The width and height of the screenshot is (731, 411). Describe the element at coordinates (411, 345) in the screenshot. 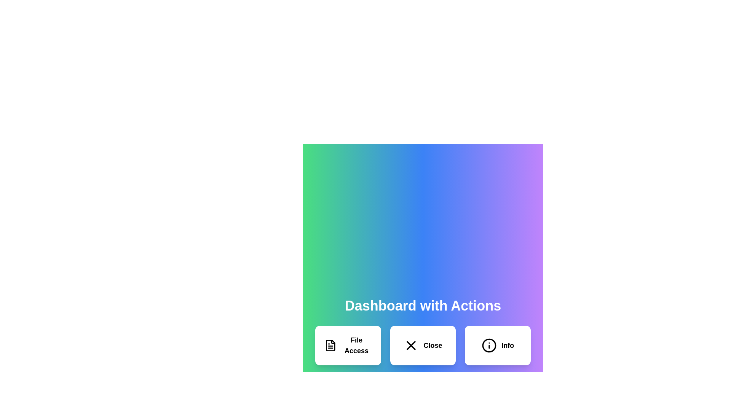

I see `the black 'X' icon within the 'Close' button` at that location.